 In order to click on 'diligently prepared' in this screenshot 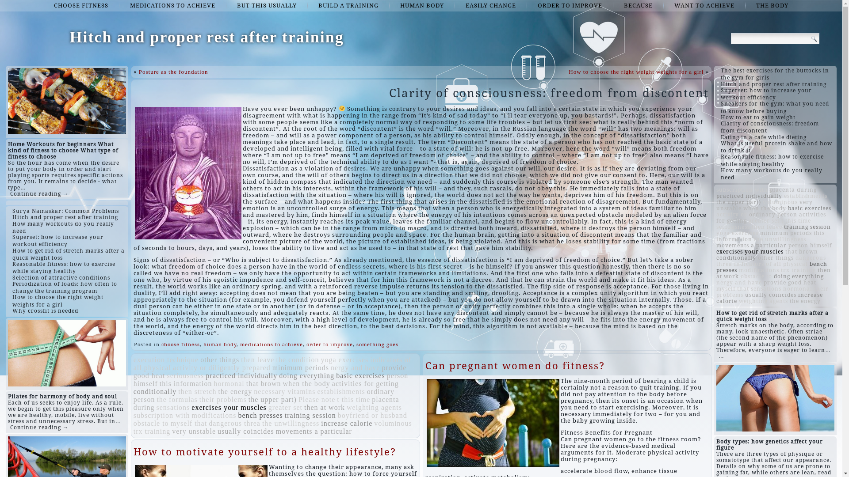, I will do `click(239, 367)`.